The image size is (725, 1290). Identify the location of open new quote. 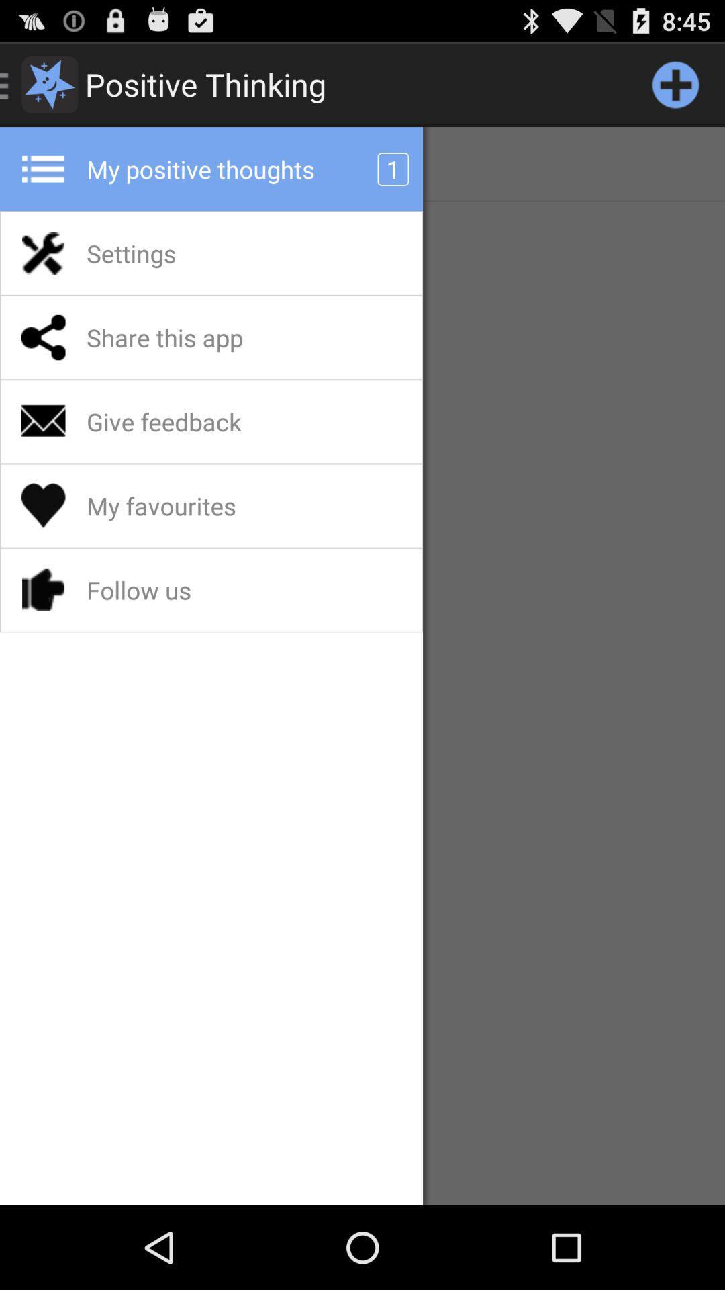
(675, 83).